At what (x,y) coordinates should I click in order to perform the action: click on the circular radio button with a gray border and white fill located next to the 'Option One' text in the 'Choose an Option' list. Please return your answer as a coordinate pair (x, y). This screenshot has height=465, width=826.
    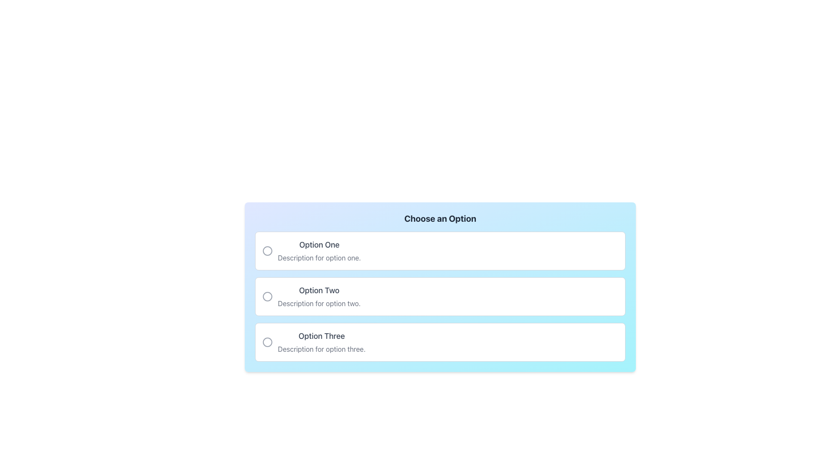
    Looking at the image, I should click on (267, 251).